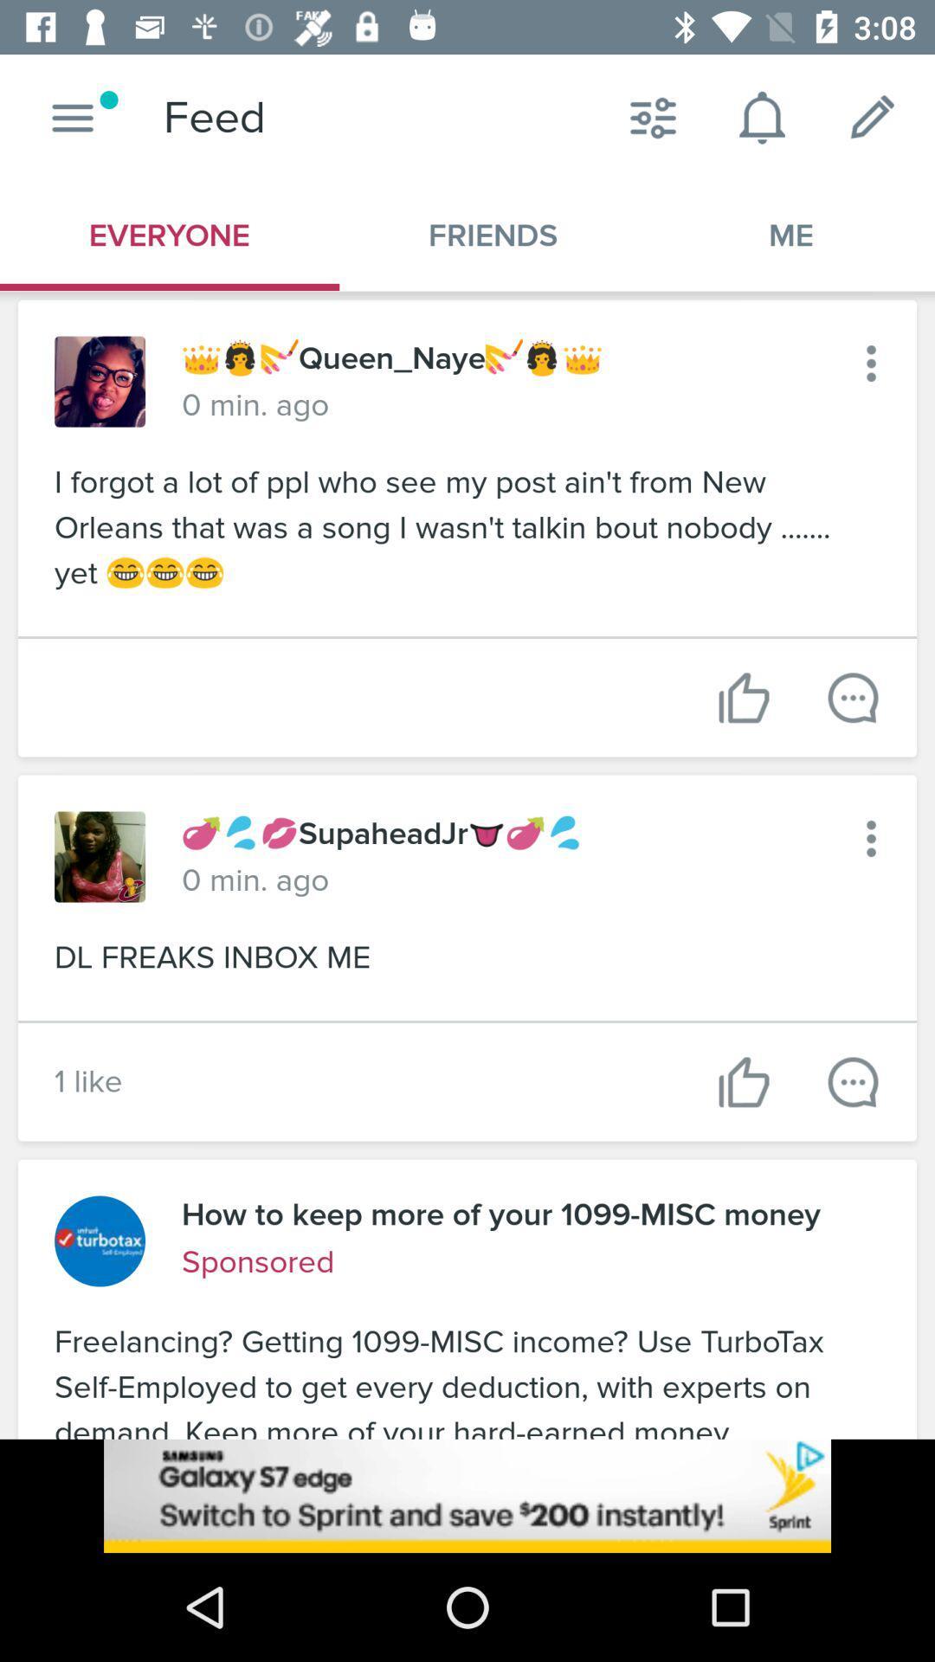  Describe the element at coordinates (743, 698) in the screenshot. I see `like post` at that location.